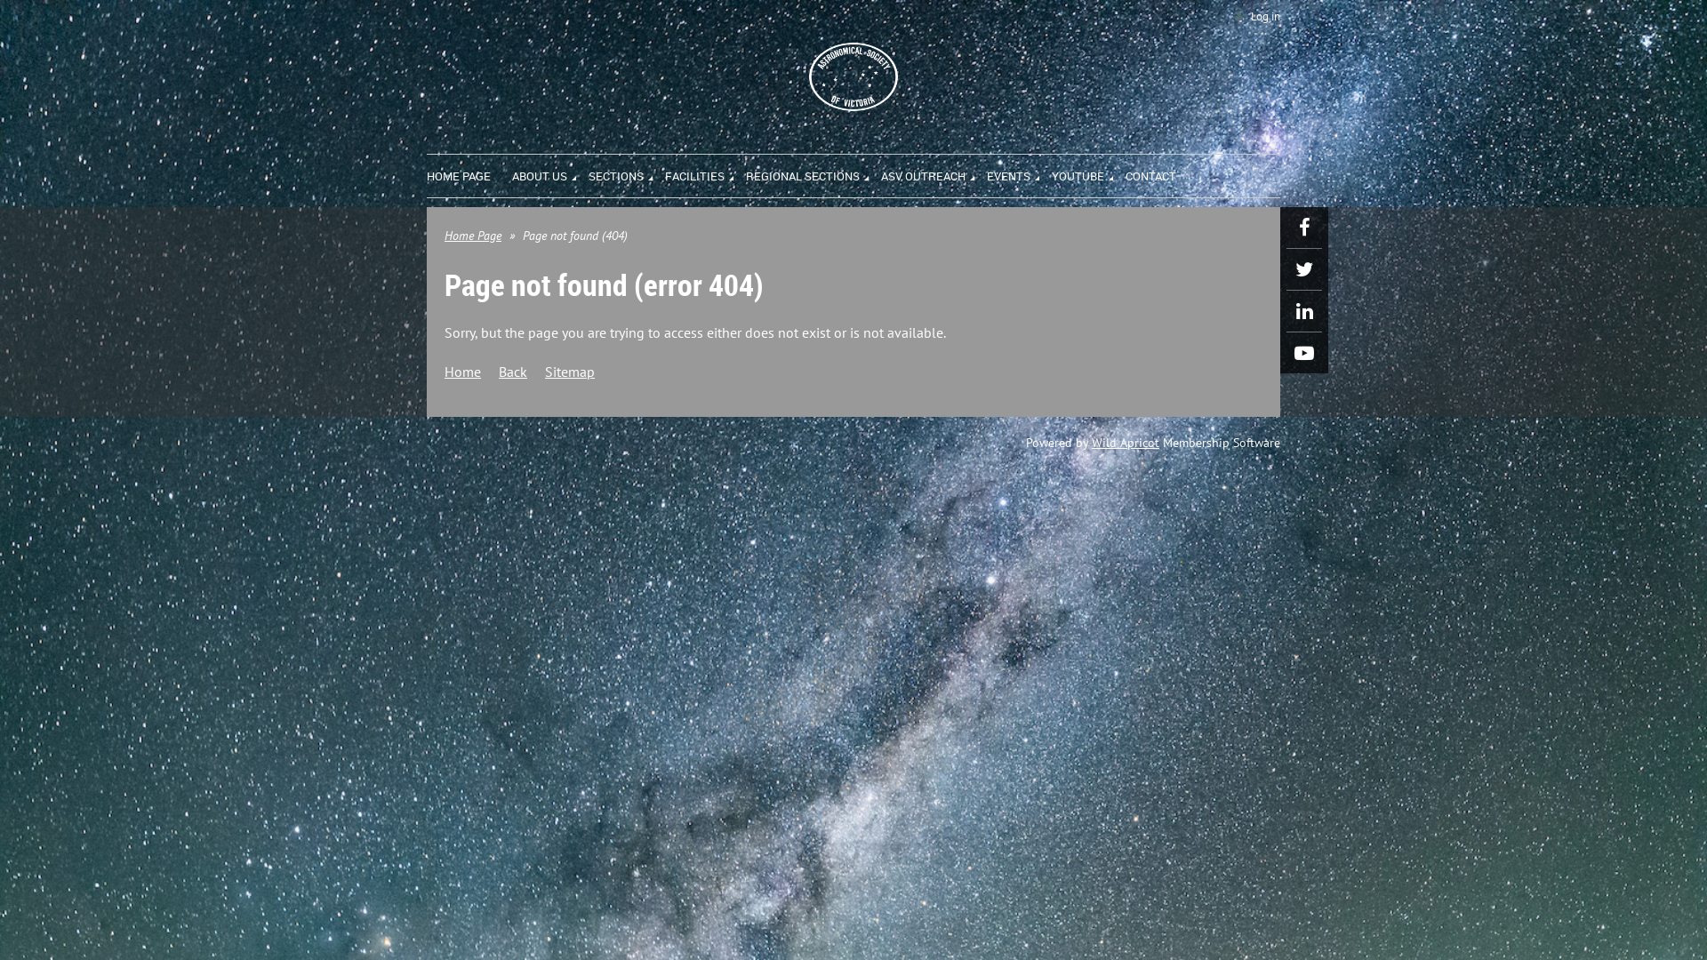  What do you see at coordinates (1254, 16) in the screenshot?
I see `'Log in'` at bounding box center [1254, 16].